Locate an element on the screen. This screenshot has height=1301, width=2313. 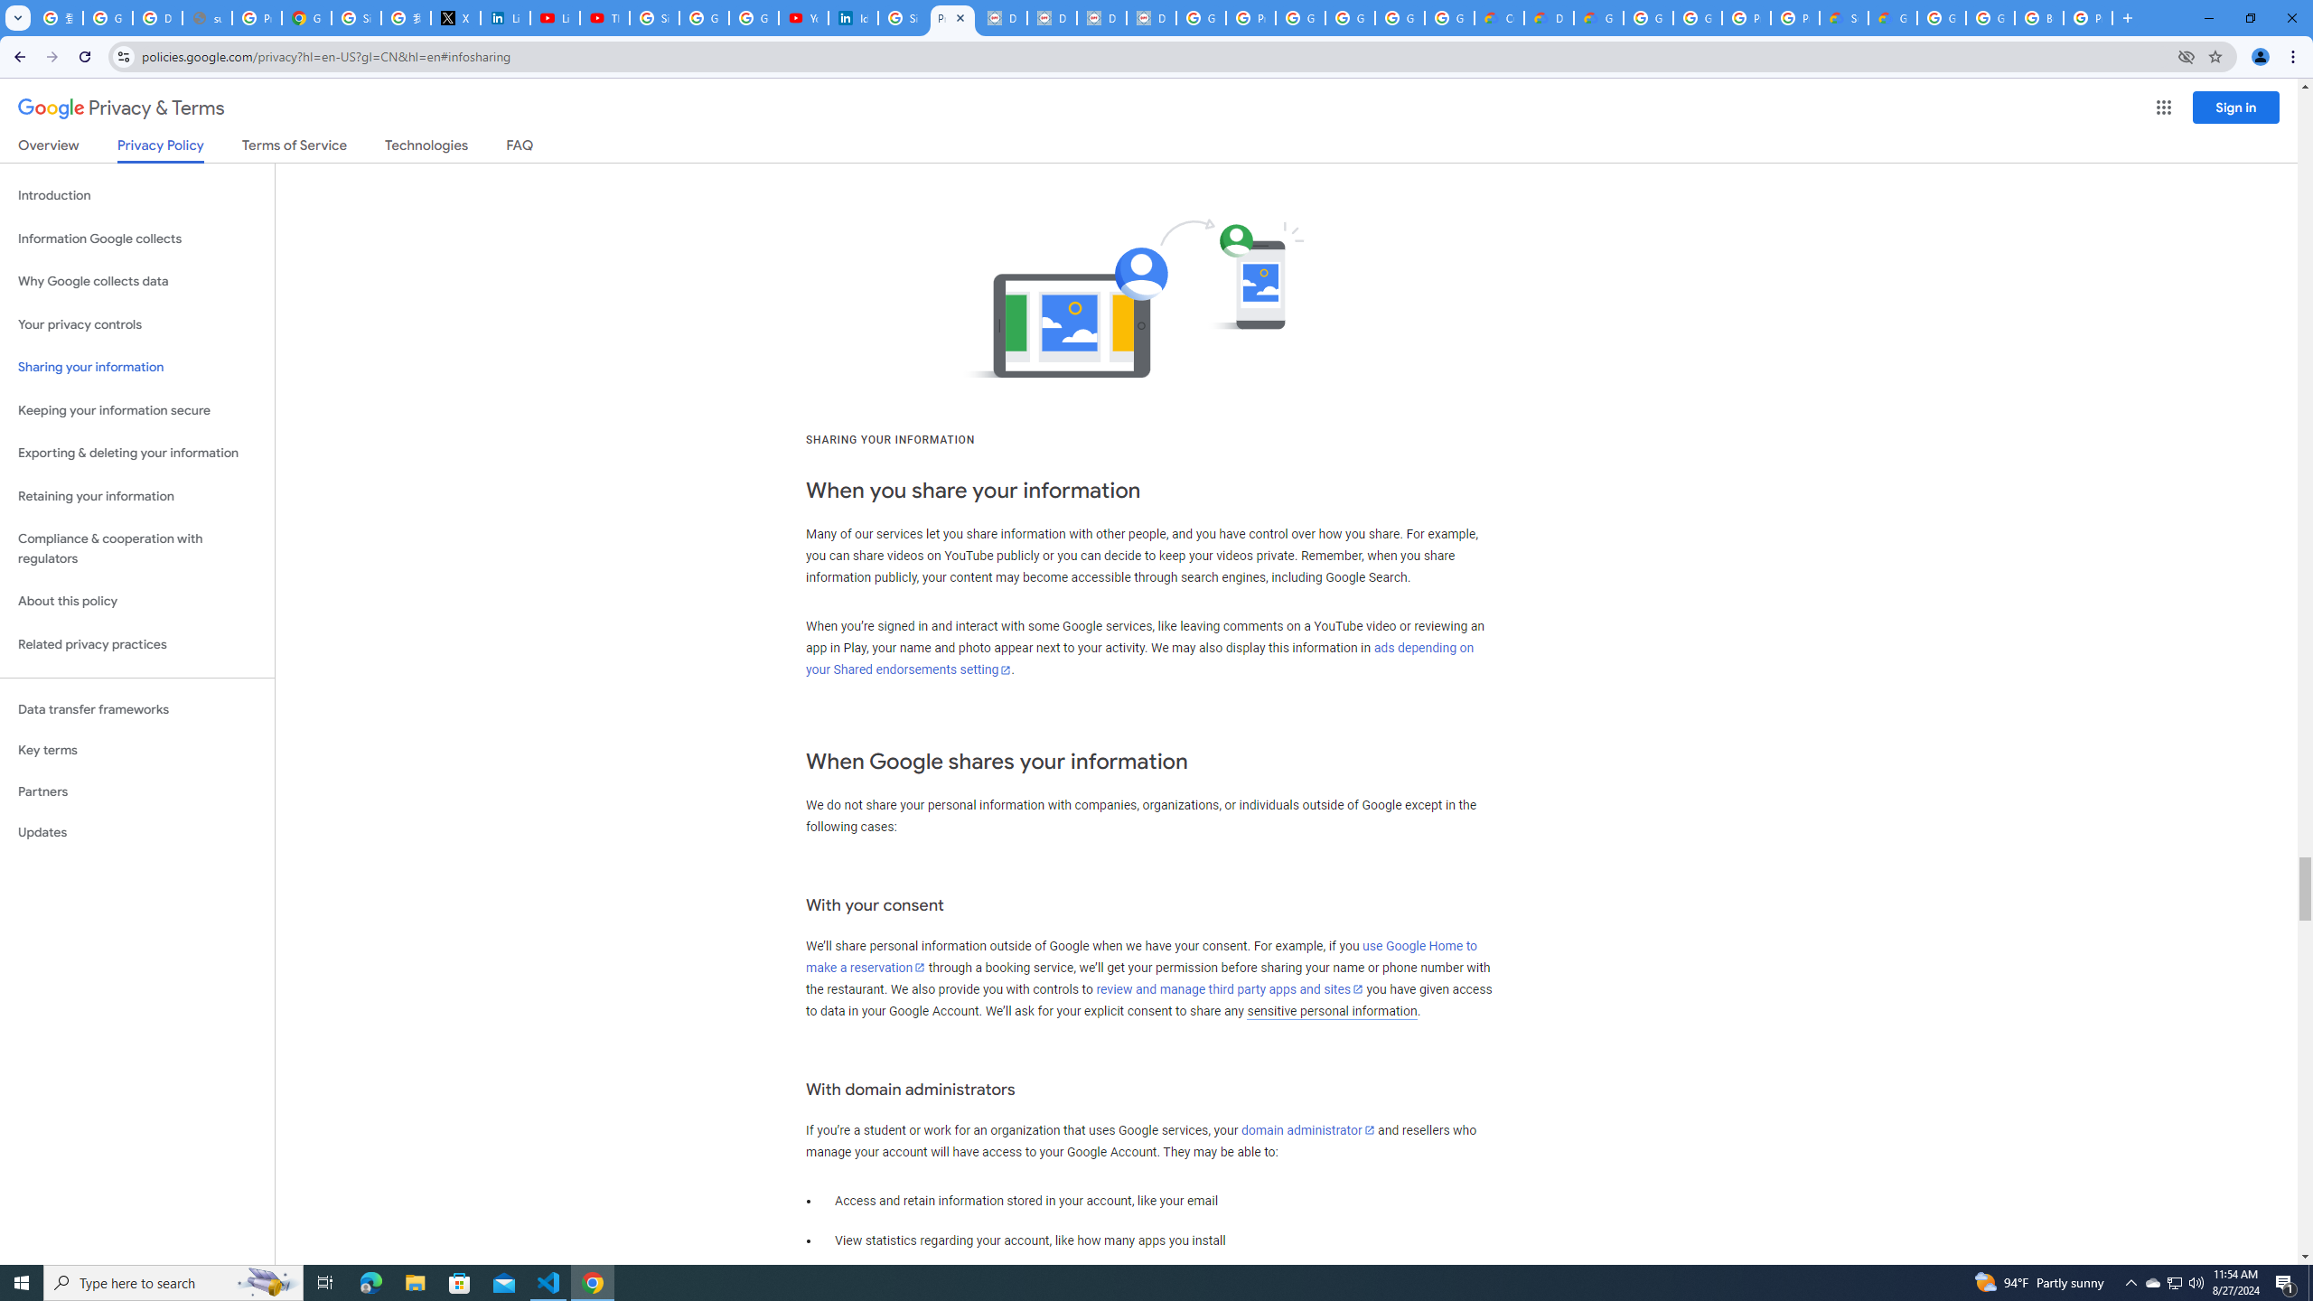
'use Google Home to make a reservation' is located at coordinates (1141, 956).